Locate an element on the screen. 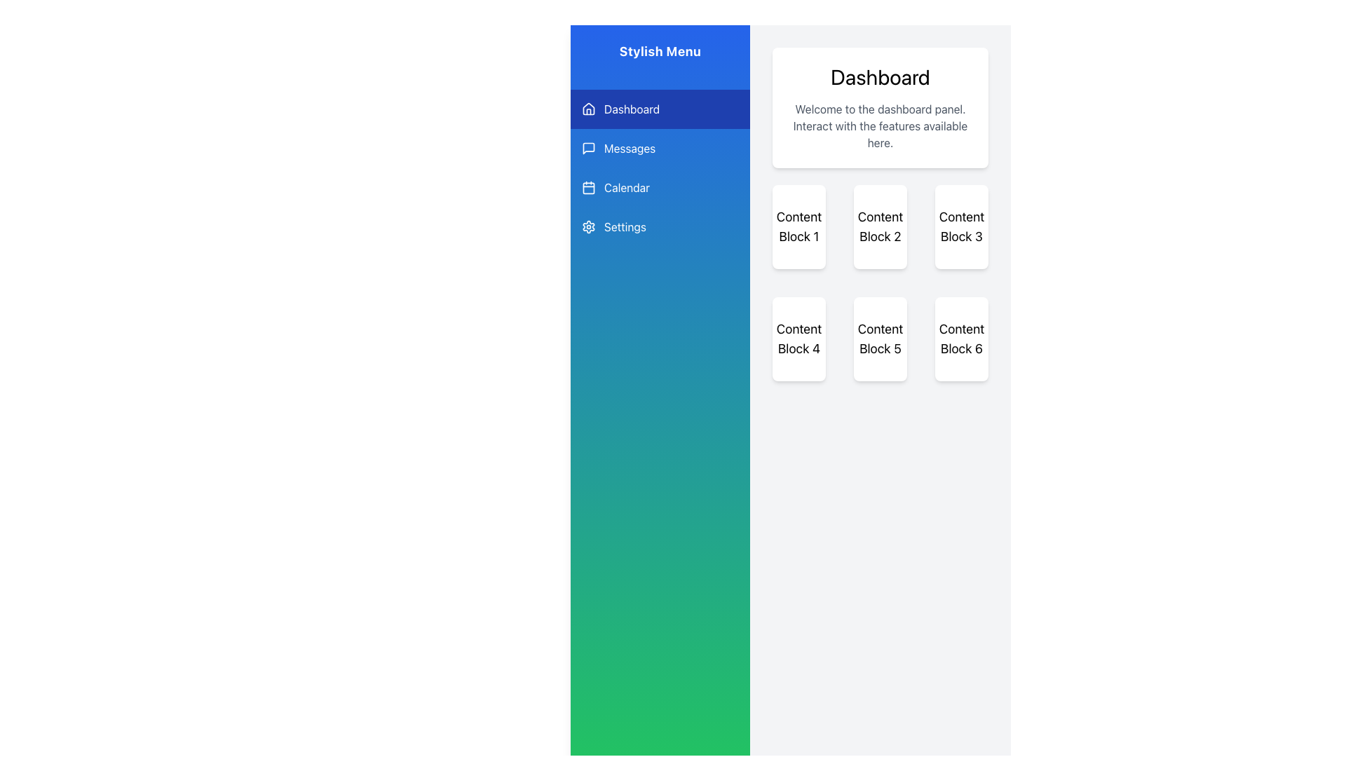 This screenshot has height=757, width=1346. the Header Text located at the top of the vertical sidebar, which serves as the title for the navigation links below it is located at coordinates (659, 50).